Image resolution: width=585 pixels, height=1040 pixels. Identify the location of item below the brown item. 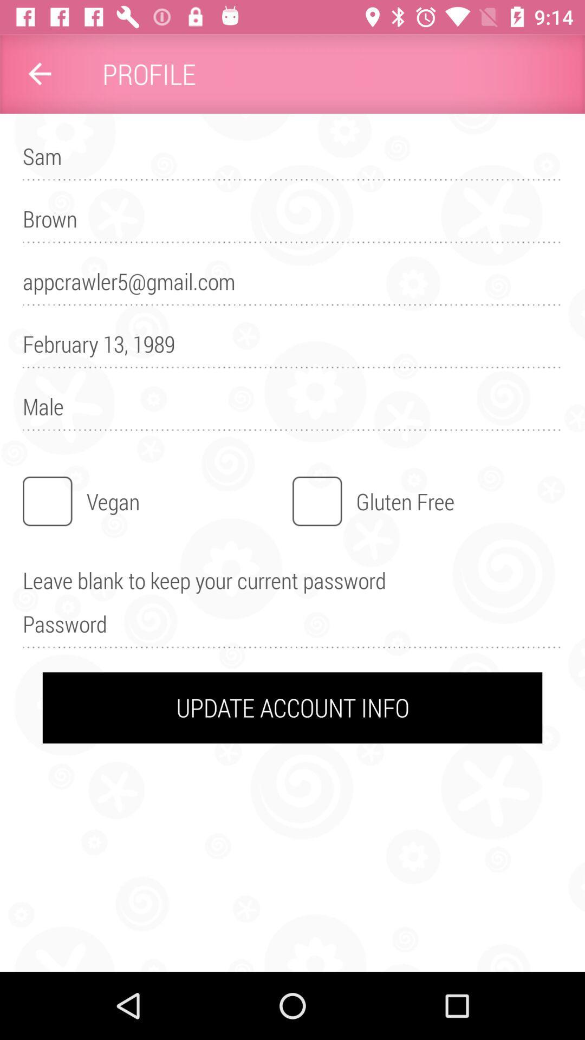
(292, 287).